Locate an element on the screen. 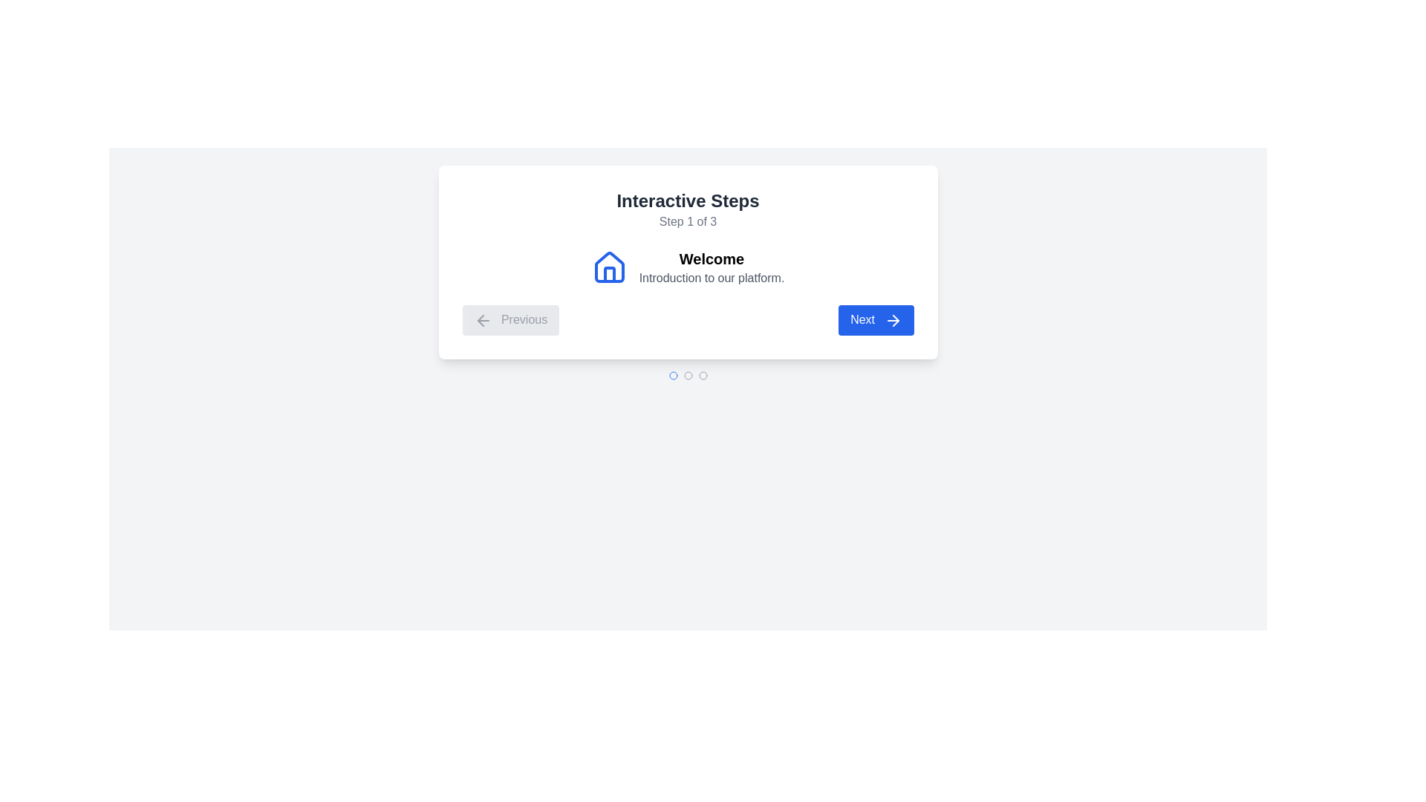  the informational component that features a blue house icon and the title 'Welcome' in bold black font, located centrally below 'Interactive Steps' is located at coordinates (687, 268).